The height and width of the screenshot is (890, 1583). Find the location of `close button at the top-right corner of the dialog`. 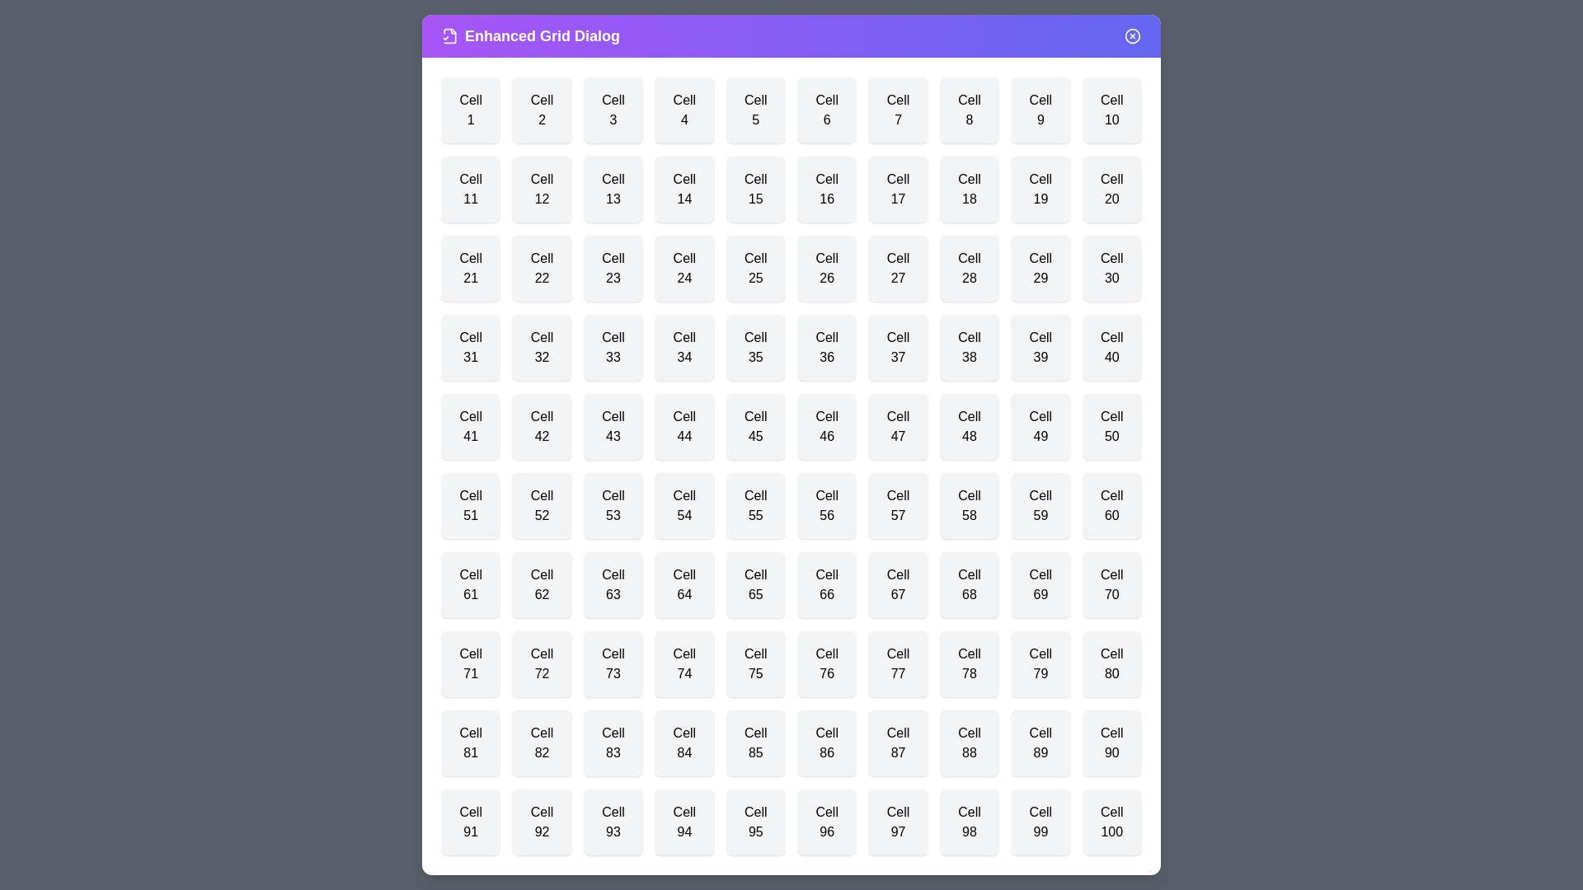

close button at the top-right corner of the dialog is located at coordinates (1131, 35).